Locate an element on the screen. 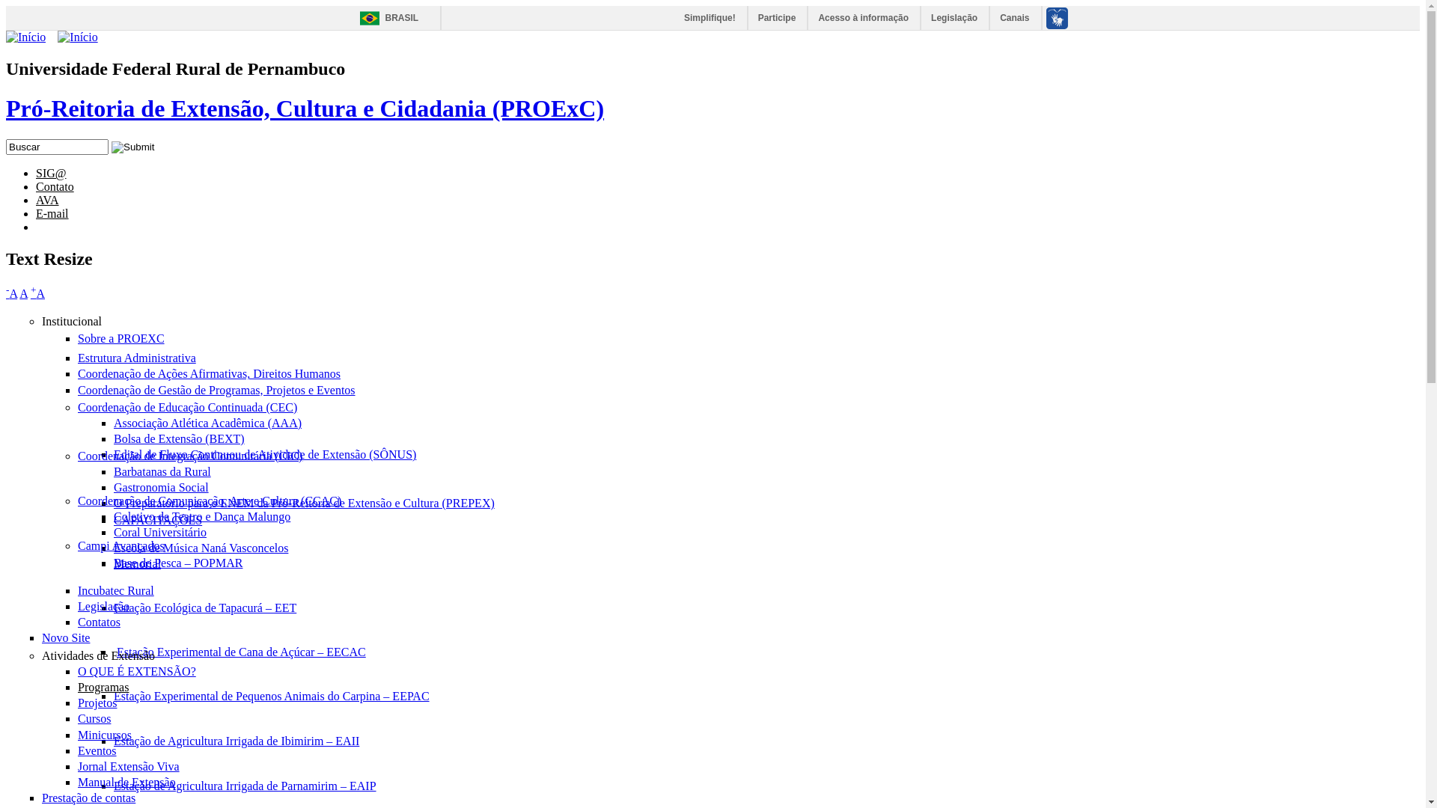 The width and height of the screenshot is (1437, 808). 'AVA' is located at coordinates (47, 199).